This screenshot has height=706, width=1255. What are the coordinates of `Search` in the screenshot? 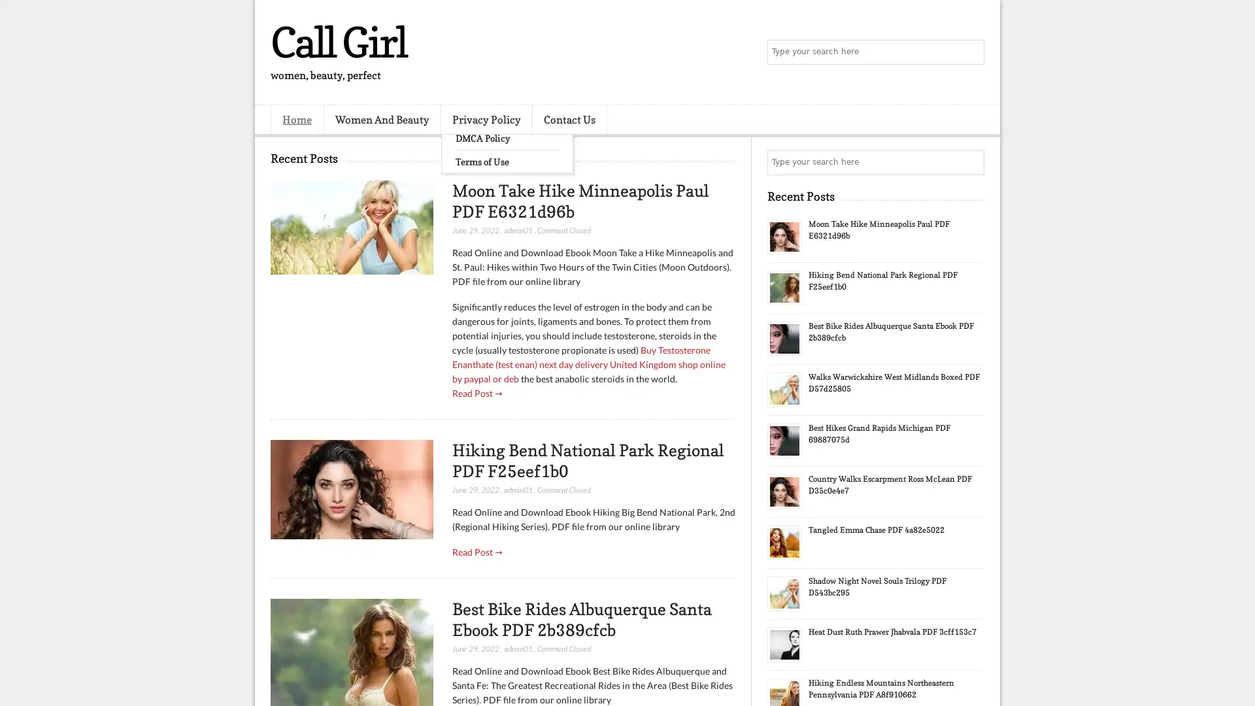 It's located at (971, 52).